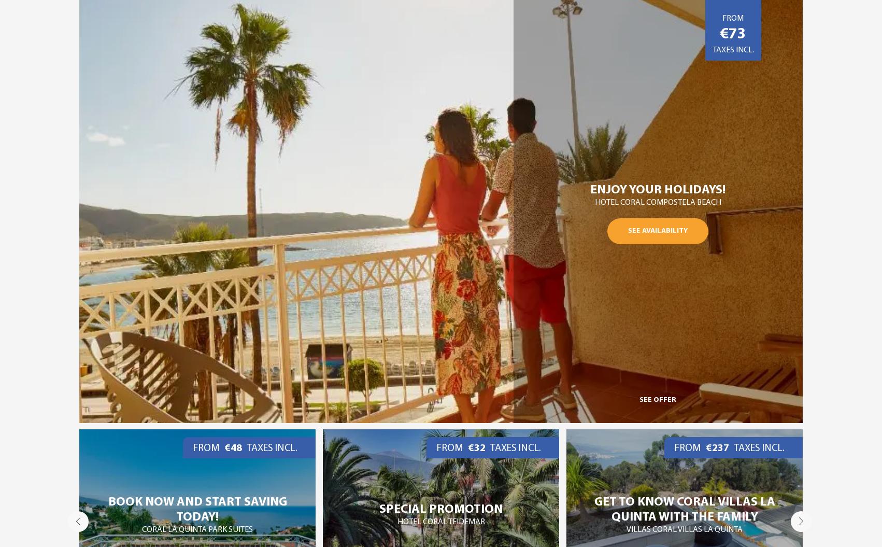 This screenshot has height=547, width=882. Describe the element at coordinates (233, 448) in the screenshot. I see `'€32'` at that location.